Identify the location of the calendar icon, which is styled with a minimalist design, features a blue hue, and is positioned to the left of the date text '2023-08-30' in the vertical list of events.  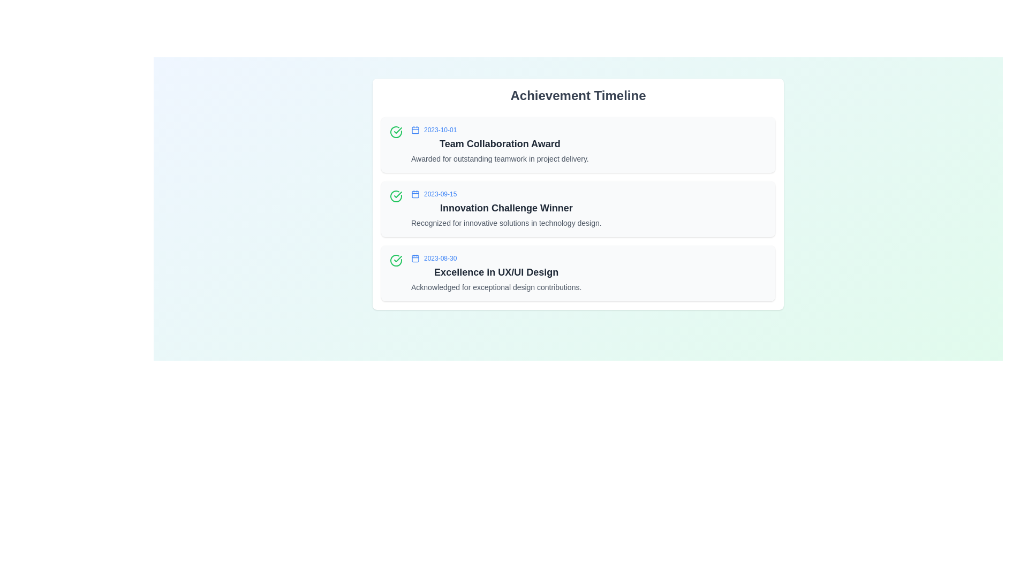
(415, 258).